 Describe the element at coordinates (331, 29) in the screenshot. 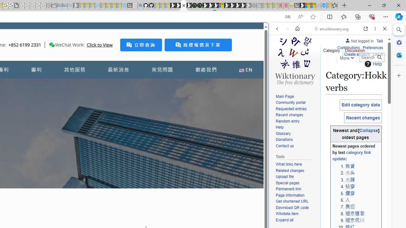

I see `'en.wiktionary.org'` at that location.